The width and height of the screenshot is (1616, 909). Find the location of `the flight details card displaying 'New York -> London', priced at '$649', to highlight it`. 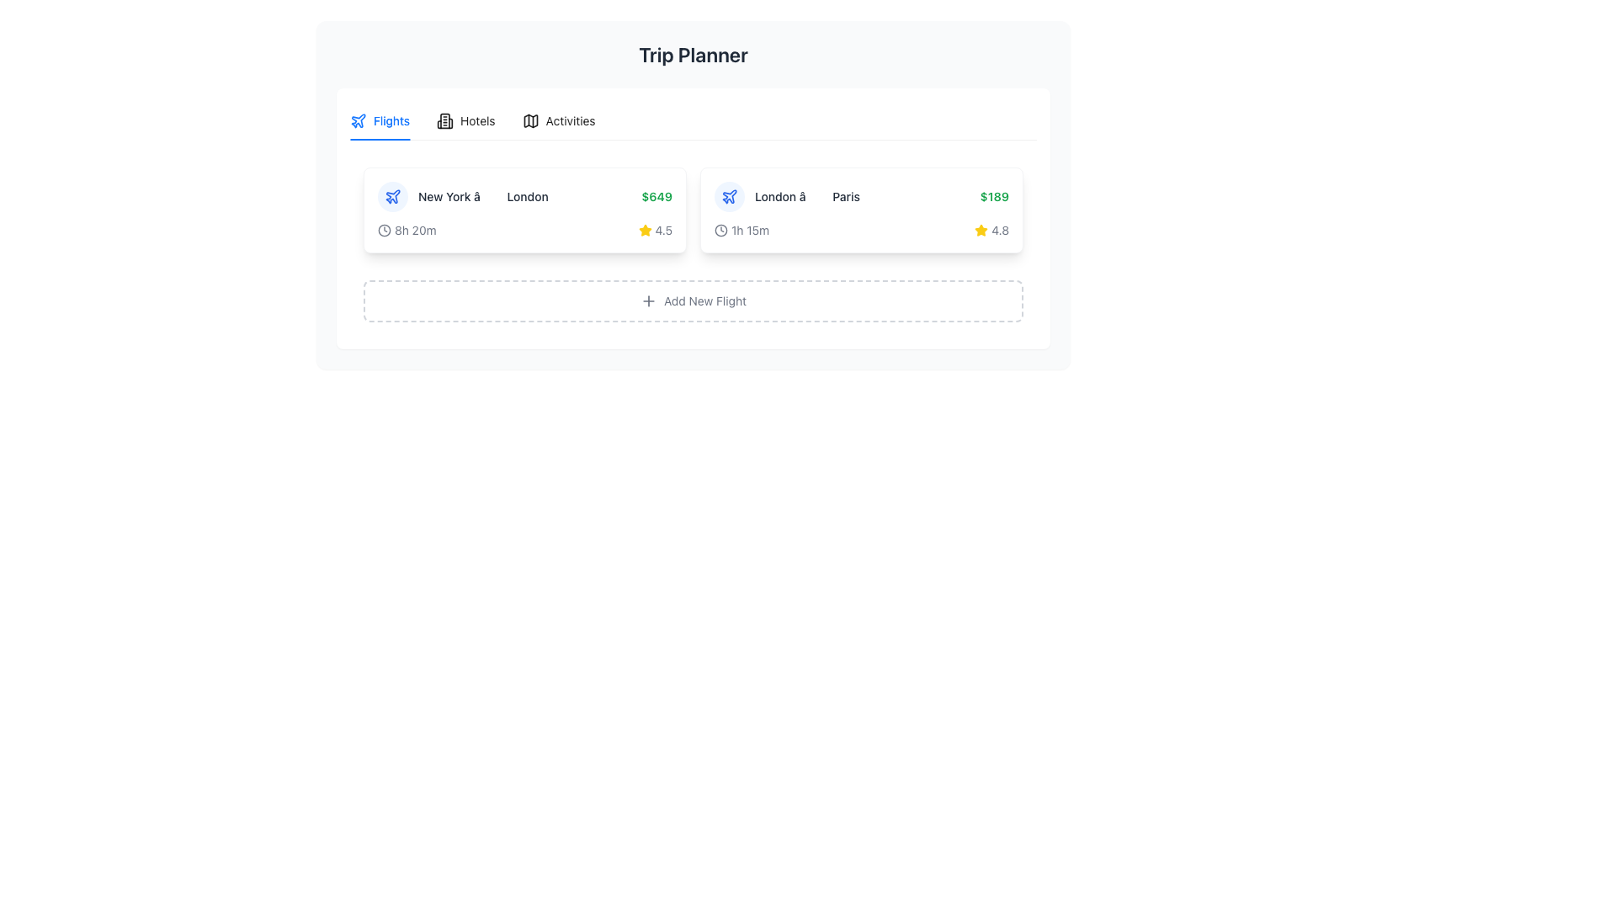

the flight details card displaying 'New York -> London', priced at '$649', to highlight it is located at coordinates (524, 210).